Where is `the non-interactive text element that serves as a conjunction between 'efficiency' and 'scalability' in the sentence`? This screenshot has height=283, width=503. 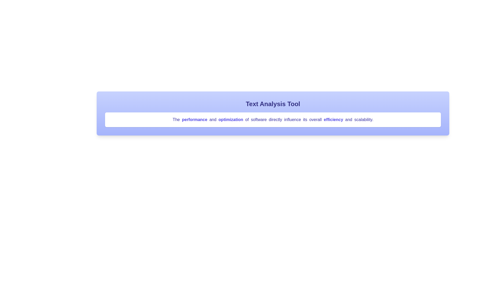
the non-interactive text element that serves as a conjunction between 'efficiency' and 'scalability' in the sentence is located at coordinates (349, 119).